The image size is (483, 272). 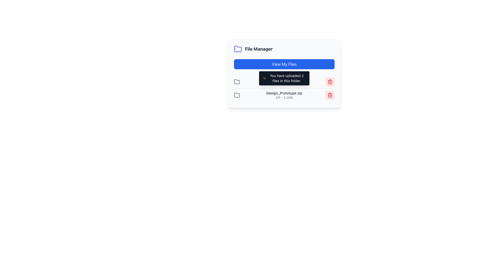 What do you see at coordinates (236, 95) in the screenshot?
I see `the gray folder icon located to the left of the text 'Design_Prototype.zip', which is the first icon in the row within the lower portion of the layout` at bounding box center [236, 95].